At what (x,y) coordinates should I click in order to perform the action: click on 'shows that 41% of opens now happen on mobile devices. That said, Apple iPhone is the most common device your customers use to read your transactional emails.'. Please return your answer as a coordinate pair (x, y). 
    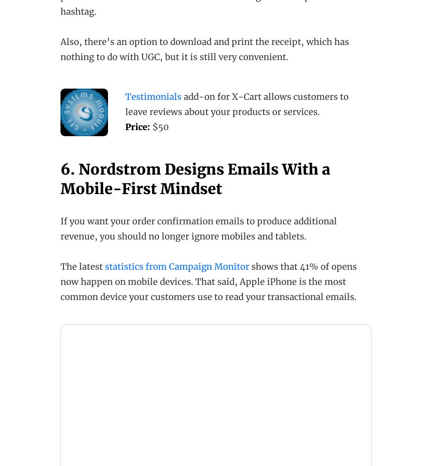
    Looking at the image, I should click on (208, 281).